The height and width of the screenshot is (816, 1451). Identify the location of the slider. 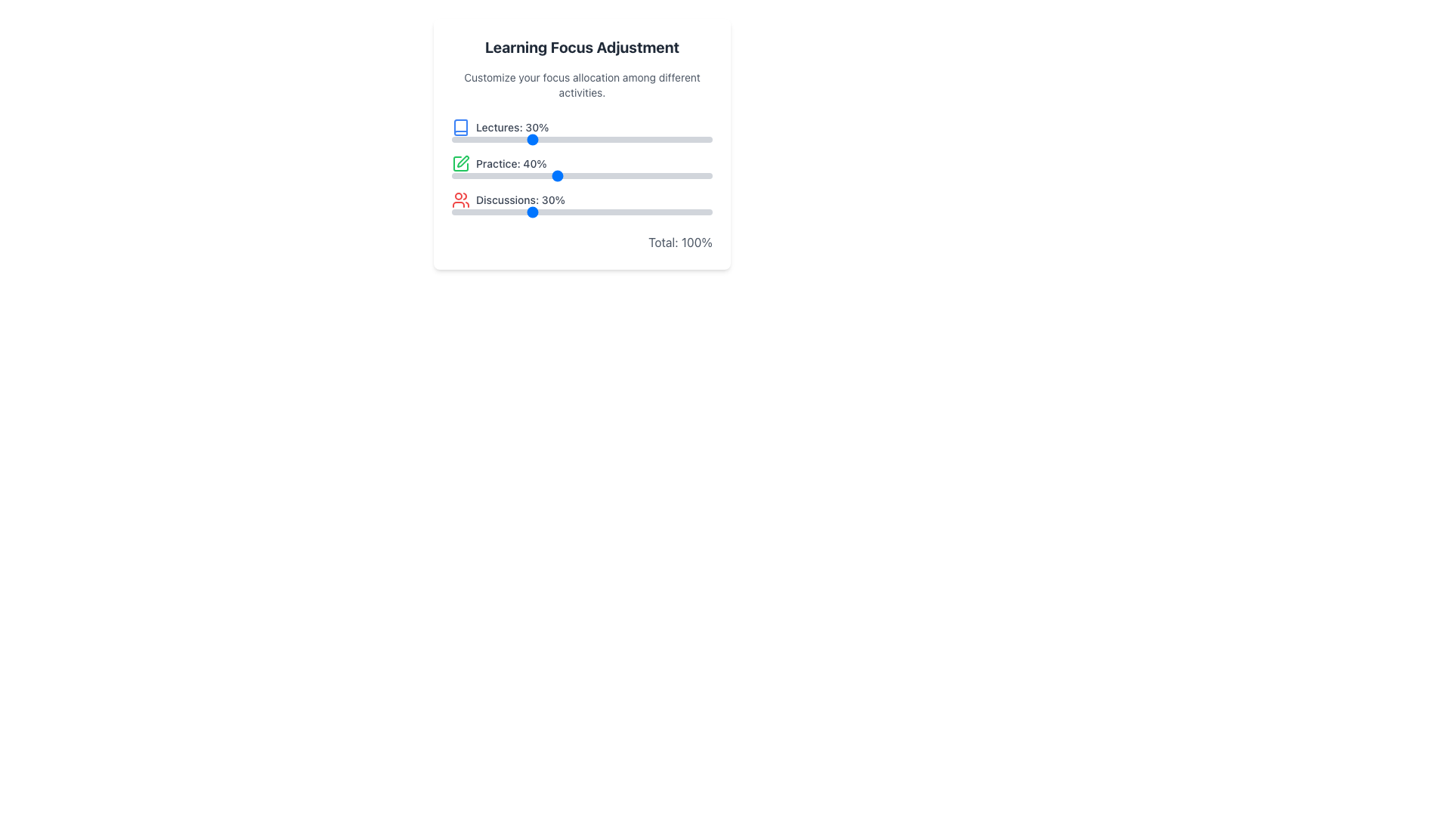
(616, 212).